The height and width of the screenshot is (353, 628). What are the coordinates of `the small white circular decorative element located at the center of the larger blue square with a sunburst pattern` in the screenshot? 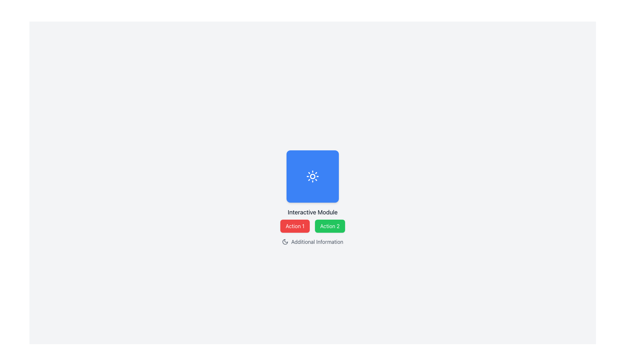 It's located at (312, 176).